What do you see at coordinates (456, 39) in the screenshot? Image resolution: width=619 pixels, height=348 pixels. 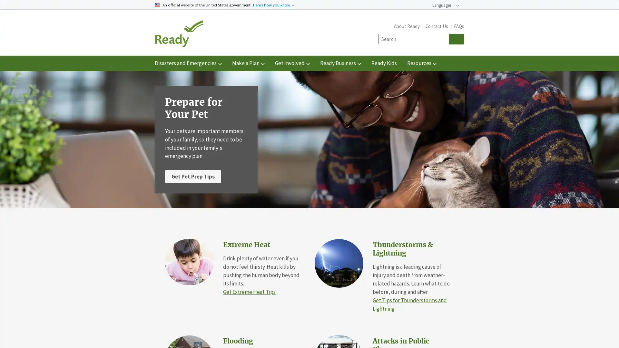 I see `Search` at bounding box center [456, 39].